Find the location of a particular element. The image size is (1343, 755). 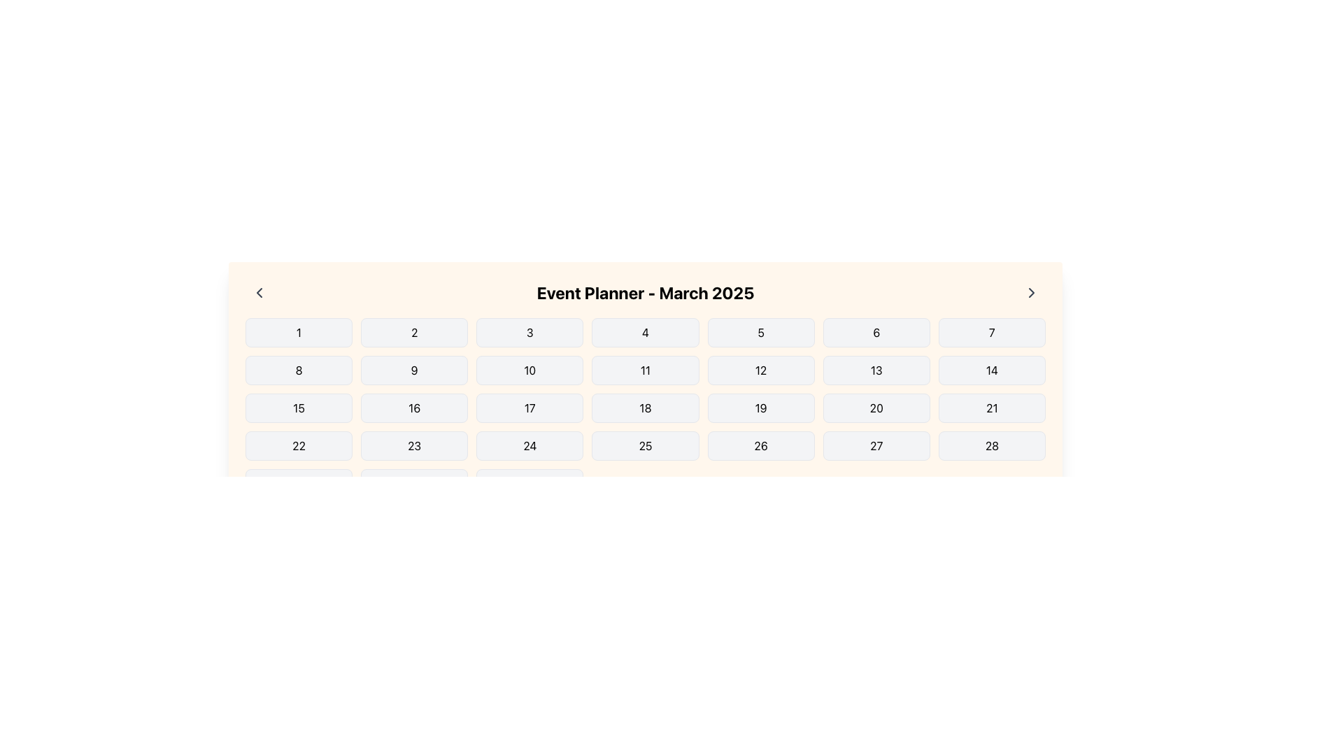

the rectangular button with a grayish-white background and the black number '26' centered within it is located at coordinates (760, 445).